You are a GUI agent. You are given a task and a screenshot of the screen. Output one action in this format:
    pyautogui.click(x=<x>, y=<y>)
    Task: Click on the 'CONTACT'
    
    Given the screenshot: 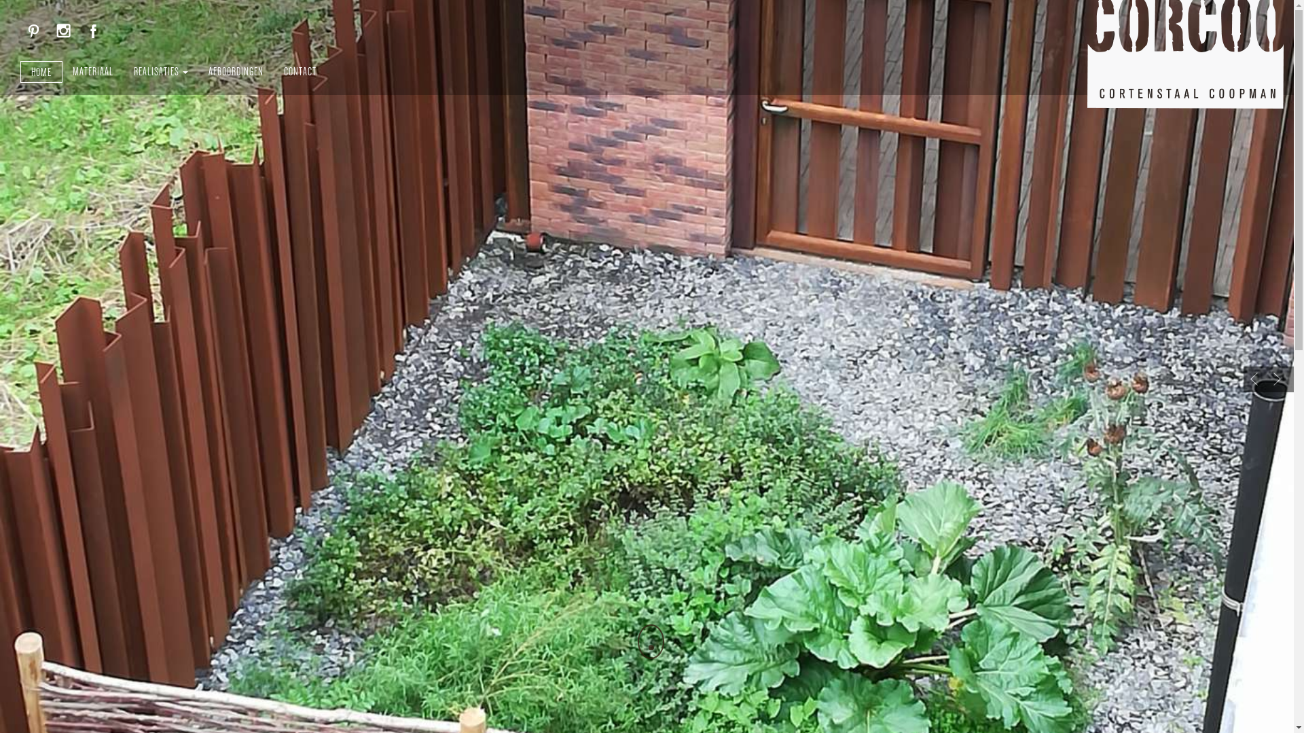 What is the action you would take?
    pyautogui.click(x=299, y=71)
    